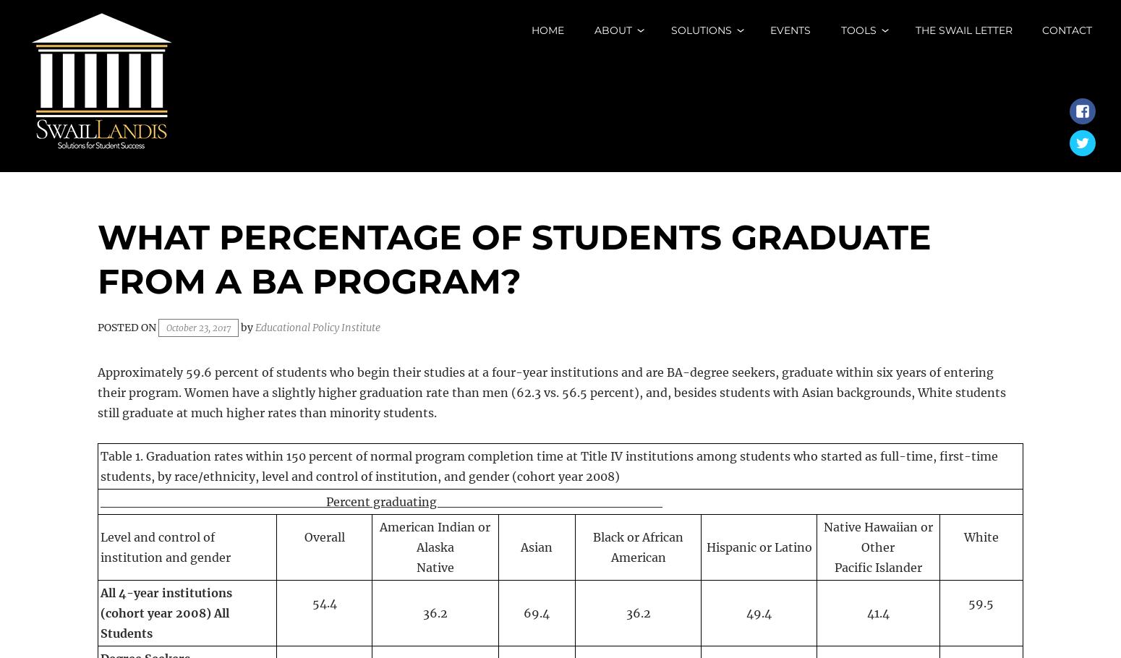 The image size is (1121, 658). What do you see at coordinates (858, 30) in the screenshot?
I see `'Tools'` at bounding box center [858, 30].